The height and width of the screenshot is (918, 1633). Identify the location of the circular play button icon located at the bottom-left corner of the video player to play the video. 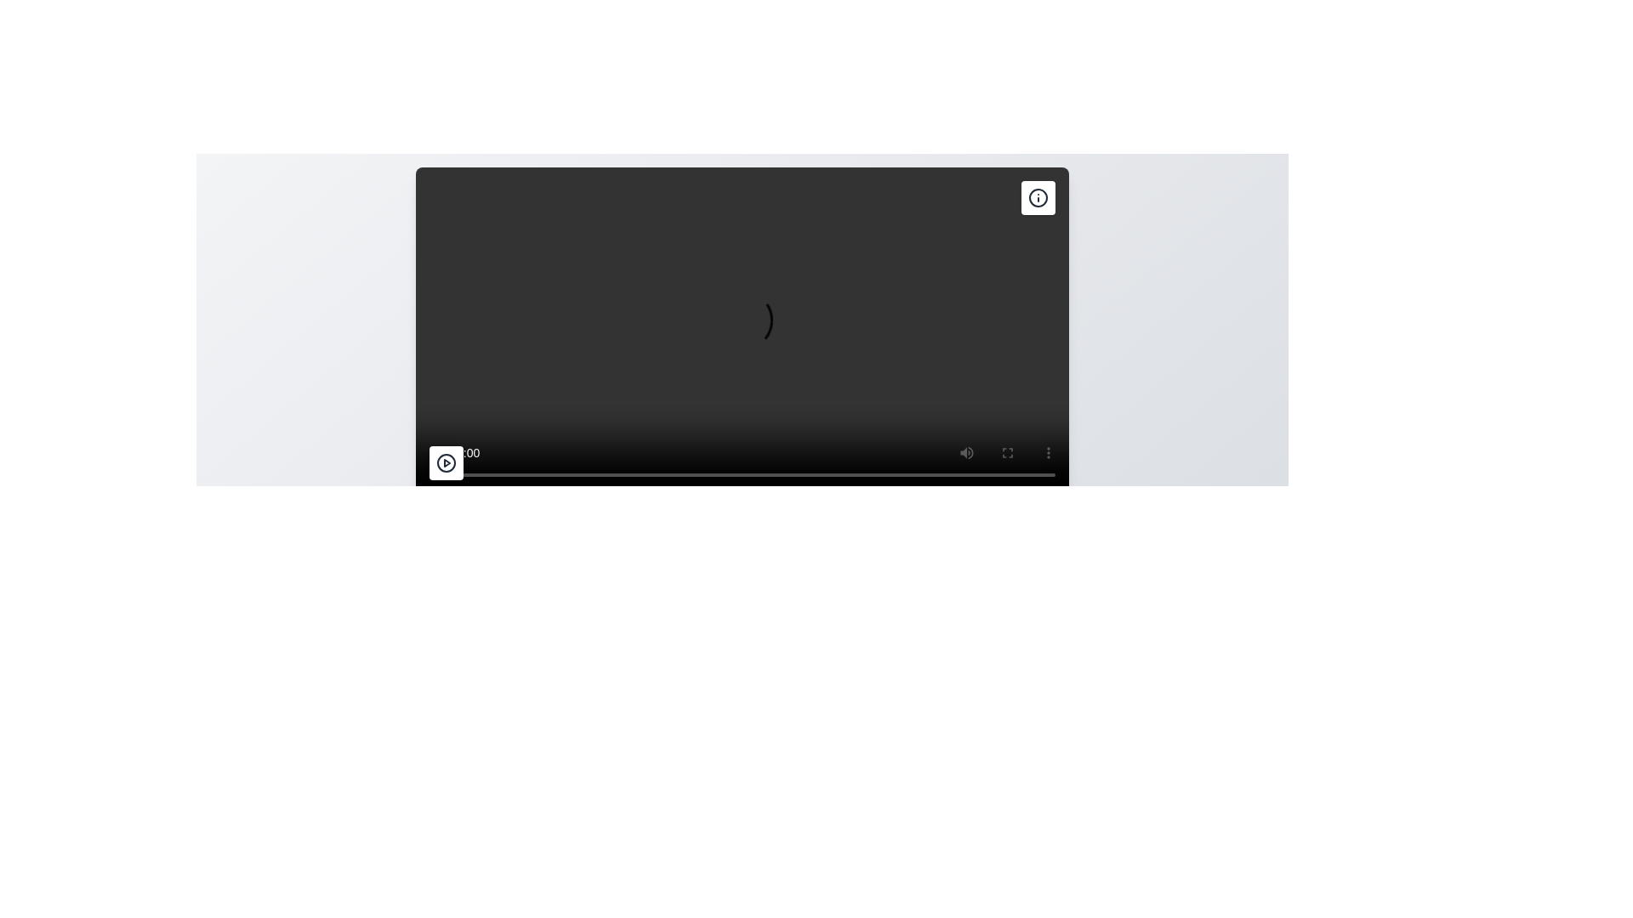
(446, 462).